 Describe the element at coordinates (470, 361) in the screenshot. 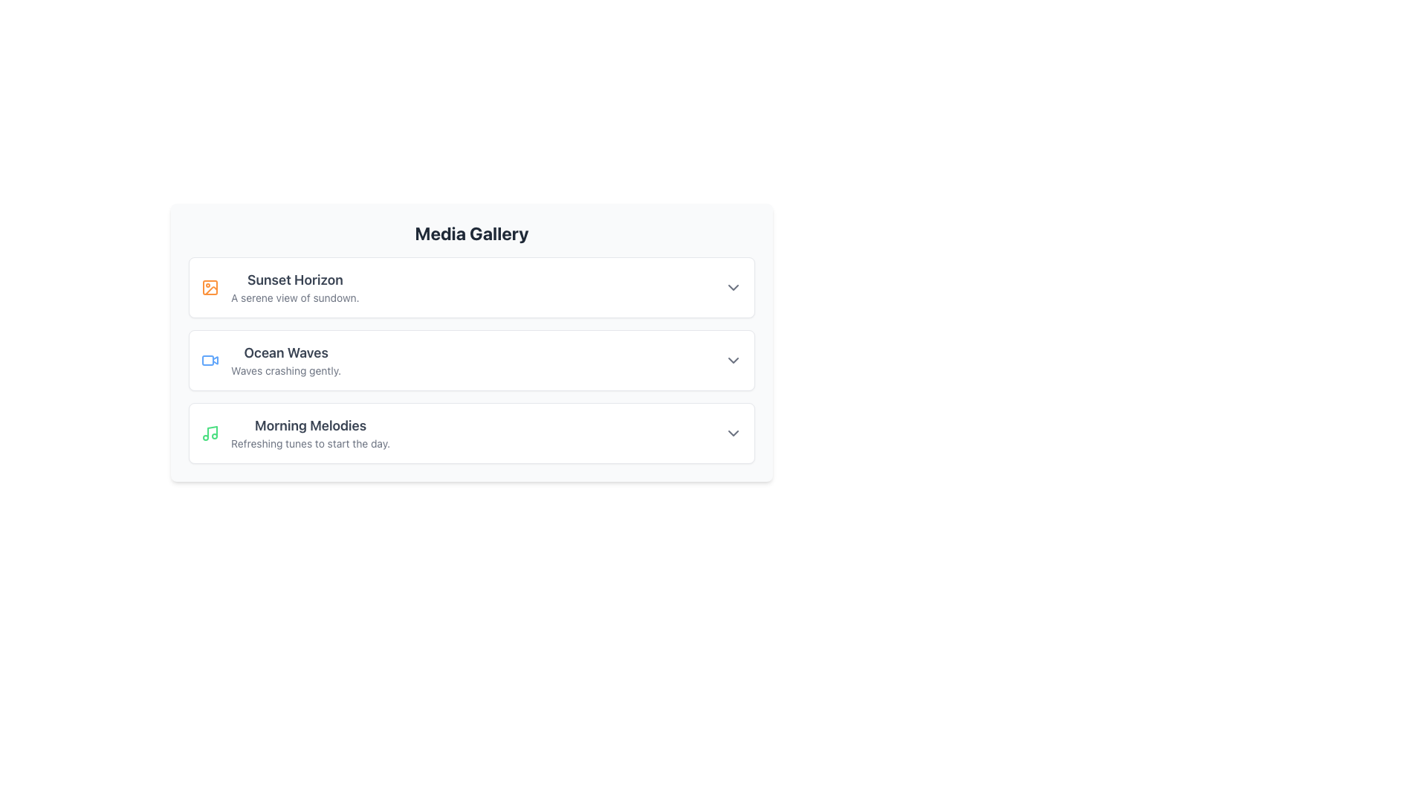

I see `the 'Ocean Waves' List Item Card` at that location.